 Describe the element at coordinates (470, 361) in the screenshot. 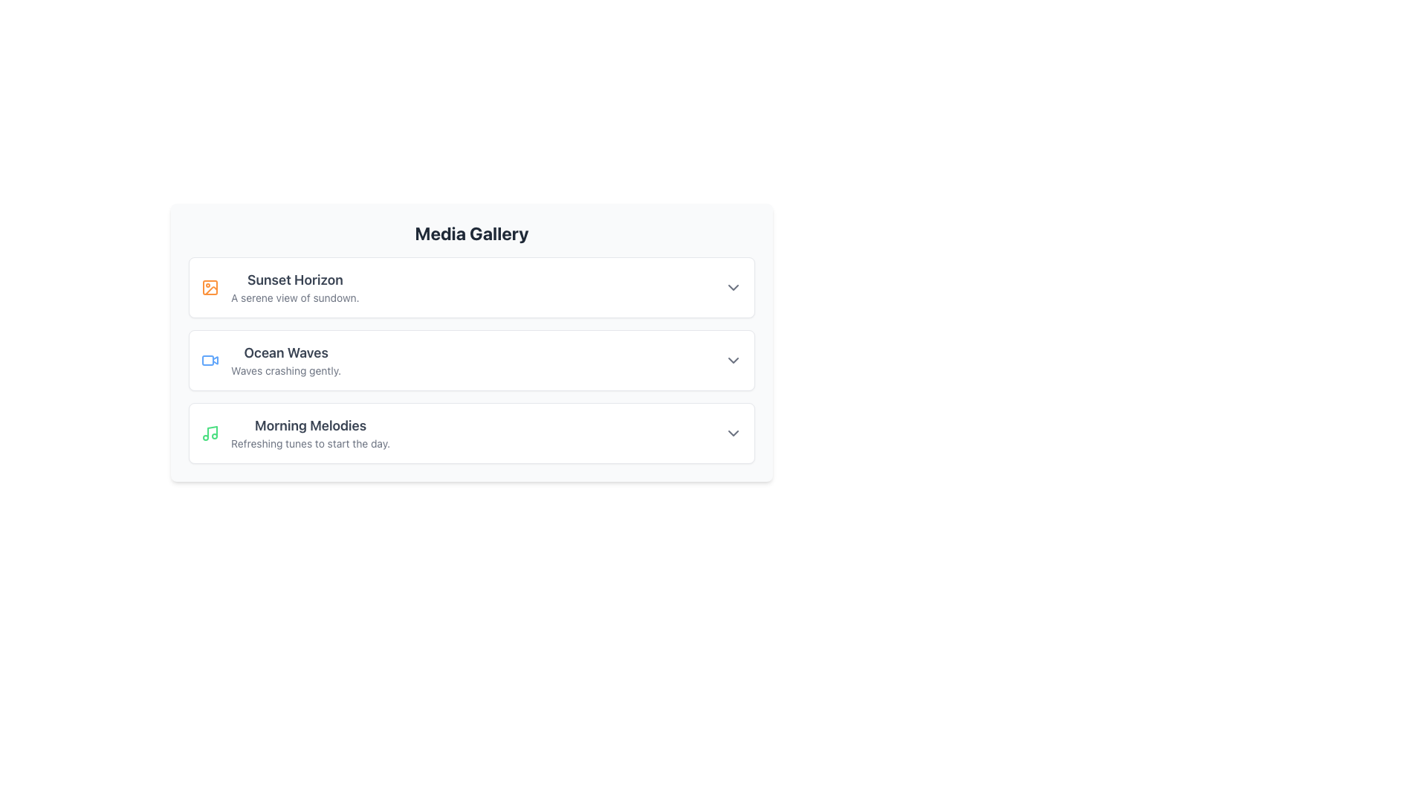

I see `the 'Ocean Waves' List Item Card` at that location.